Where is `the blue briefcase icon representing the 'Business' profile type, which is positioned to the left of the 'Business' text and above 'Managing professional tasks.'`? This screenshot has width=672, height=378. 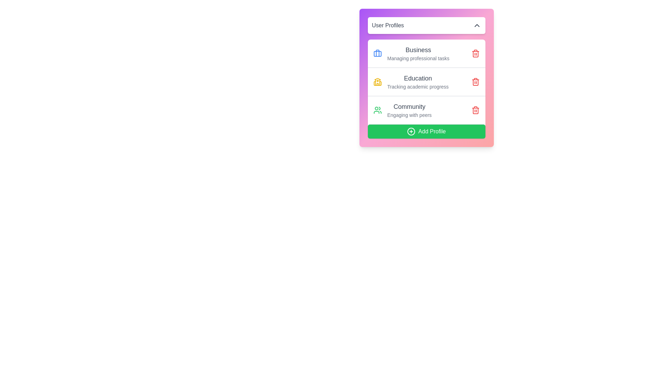
the blue briefcase icon representing the 'Business' profile type, which is positioned to the left of the 'Business' text and above 'Managing professional tasks.' is located at coordinates (377, 53).